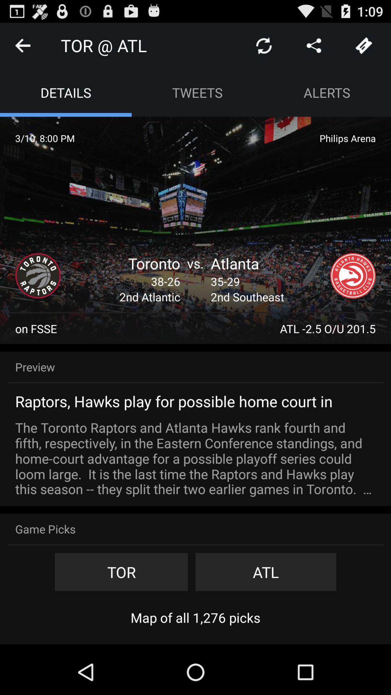  Describe the element at coordinates (197, 92) in the screenshot. I see `the item to the left of alerts` at that location.